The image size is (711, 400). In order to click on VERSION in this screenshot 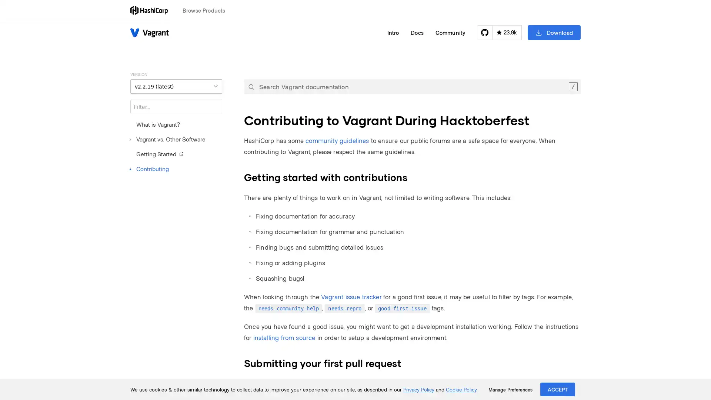, I will do `click(176, 86)`.